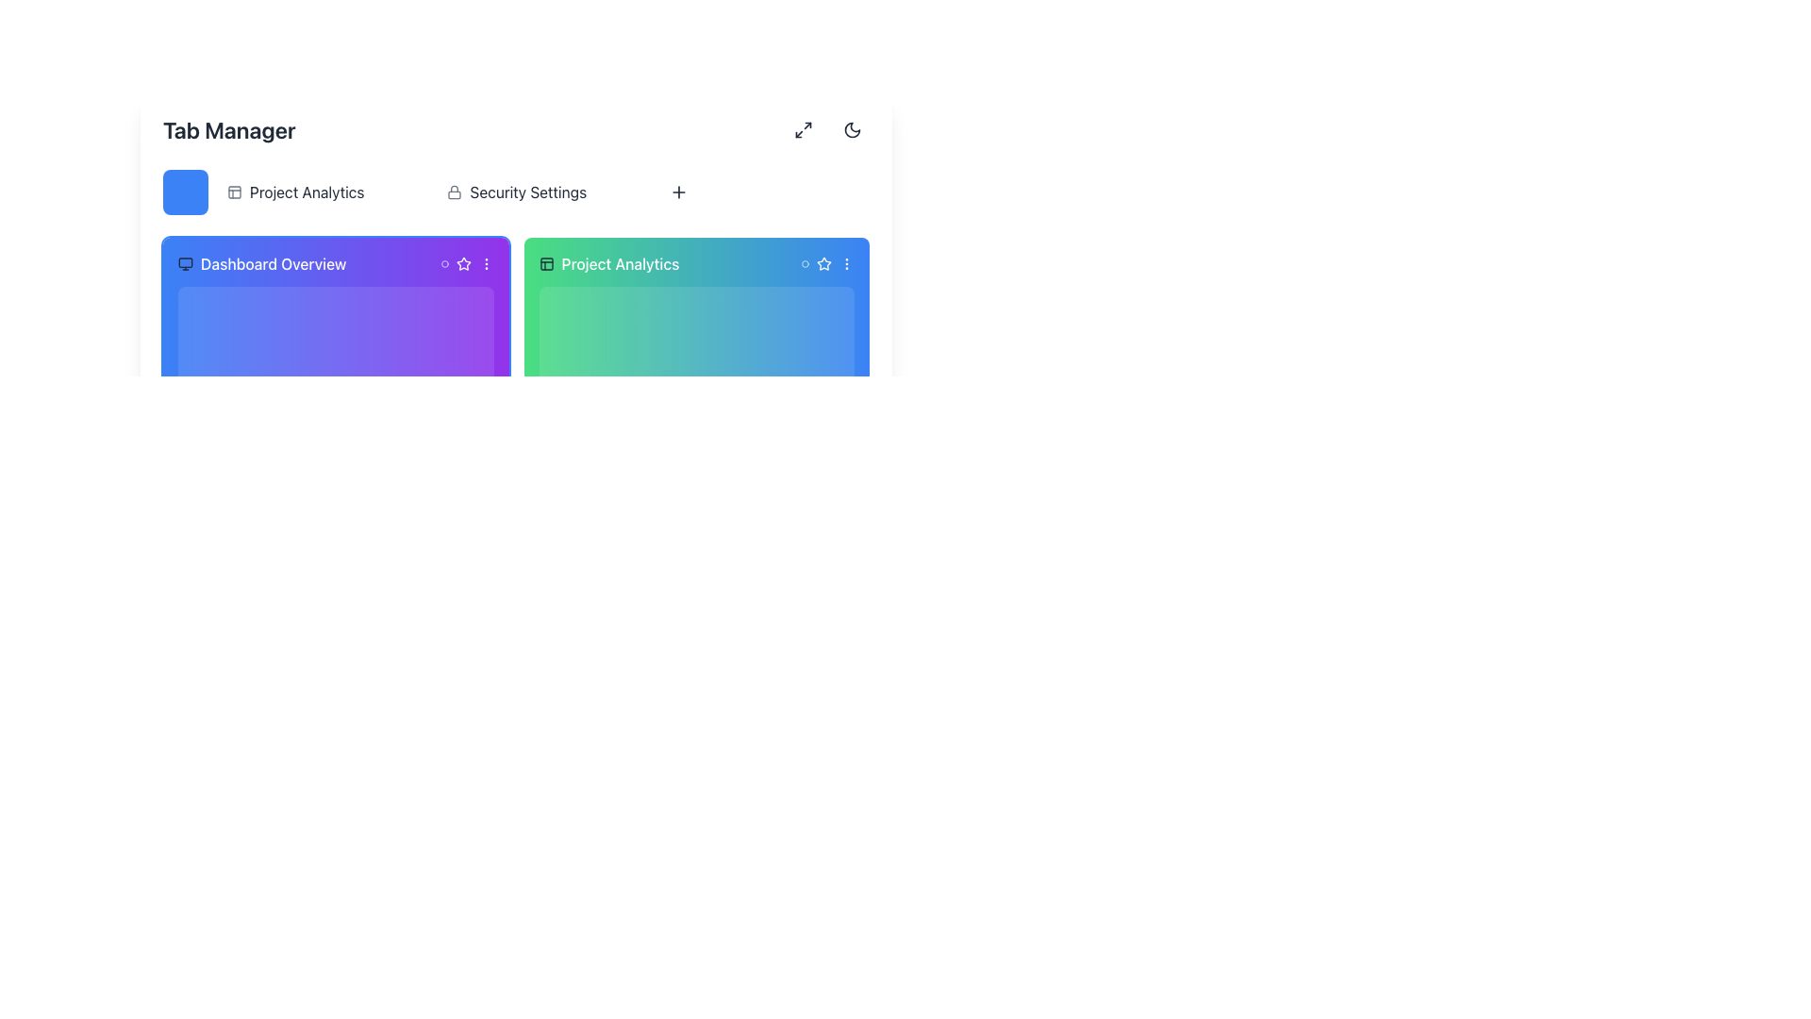  Describe the element at coordinates (803, 129) in the screenshot. I see `the small interactive button with rounded edges that has an icon of two diagonal arrows pointing outward, located at the top-right corner of the interface` at that location.